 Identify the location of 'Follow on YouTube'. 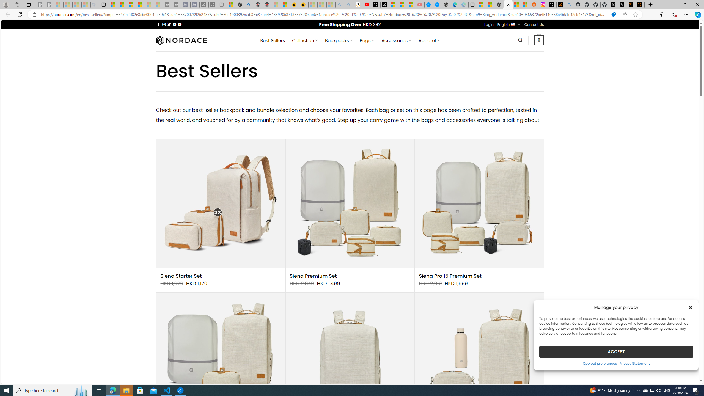
(180, 24).